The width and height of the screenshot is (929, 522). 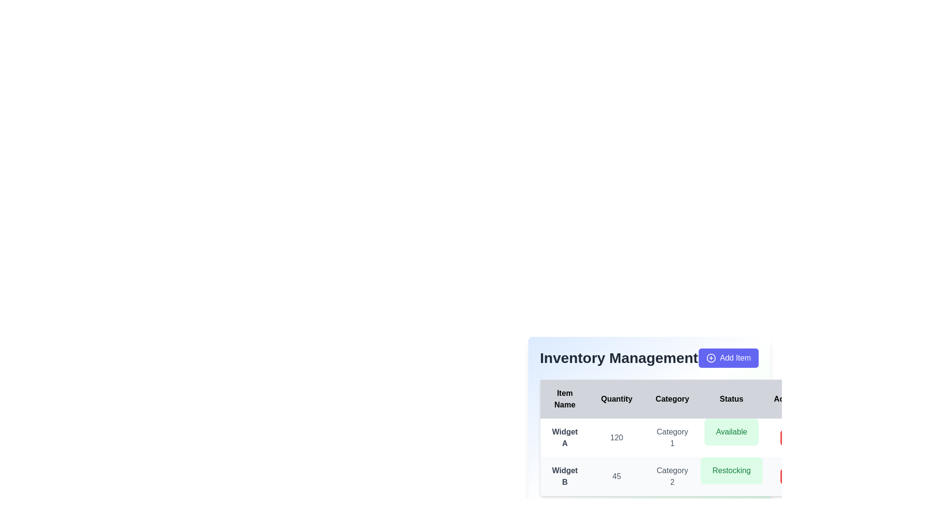 I want to click on the red button with white text located in the 'Actions' column for 'Widget B' in the inventory management table, so click(x=788, y=476).